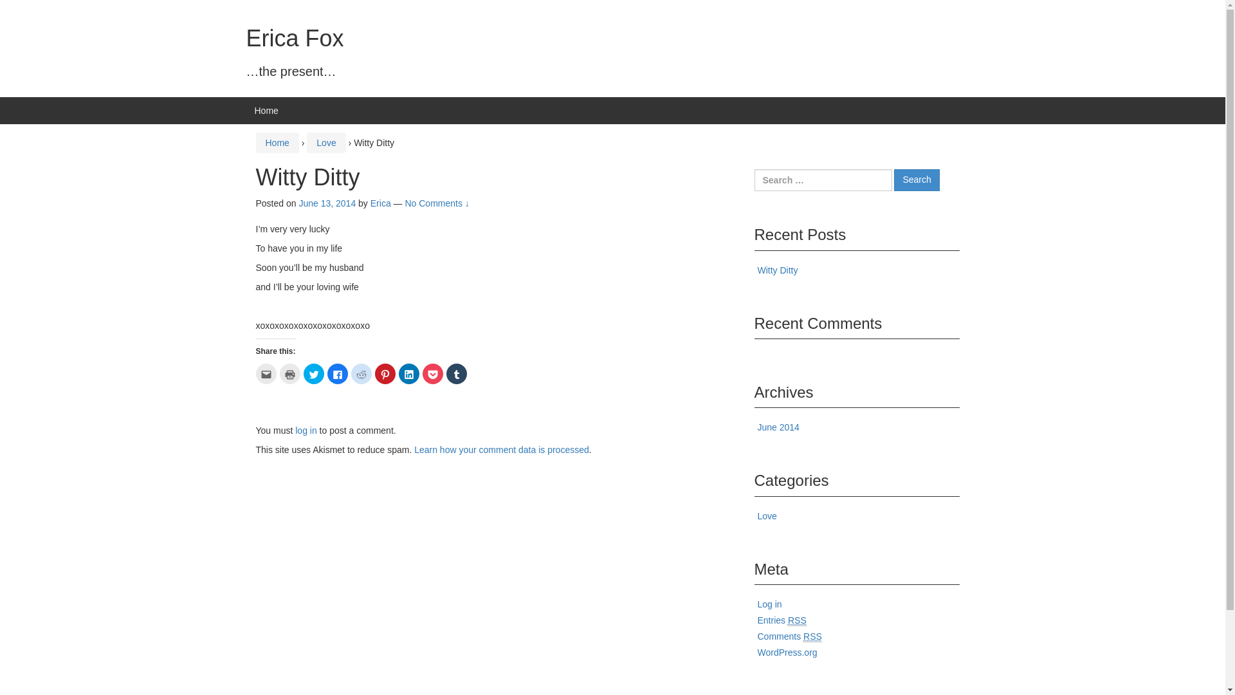  What do you see at coordinates (916, 180) in the screenshot?
I see `'Search'` at bounding box center [916, 180].